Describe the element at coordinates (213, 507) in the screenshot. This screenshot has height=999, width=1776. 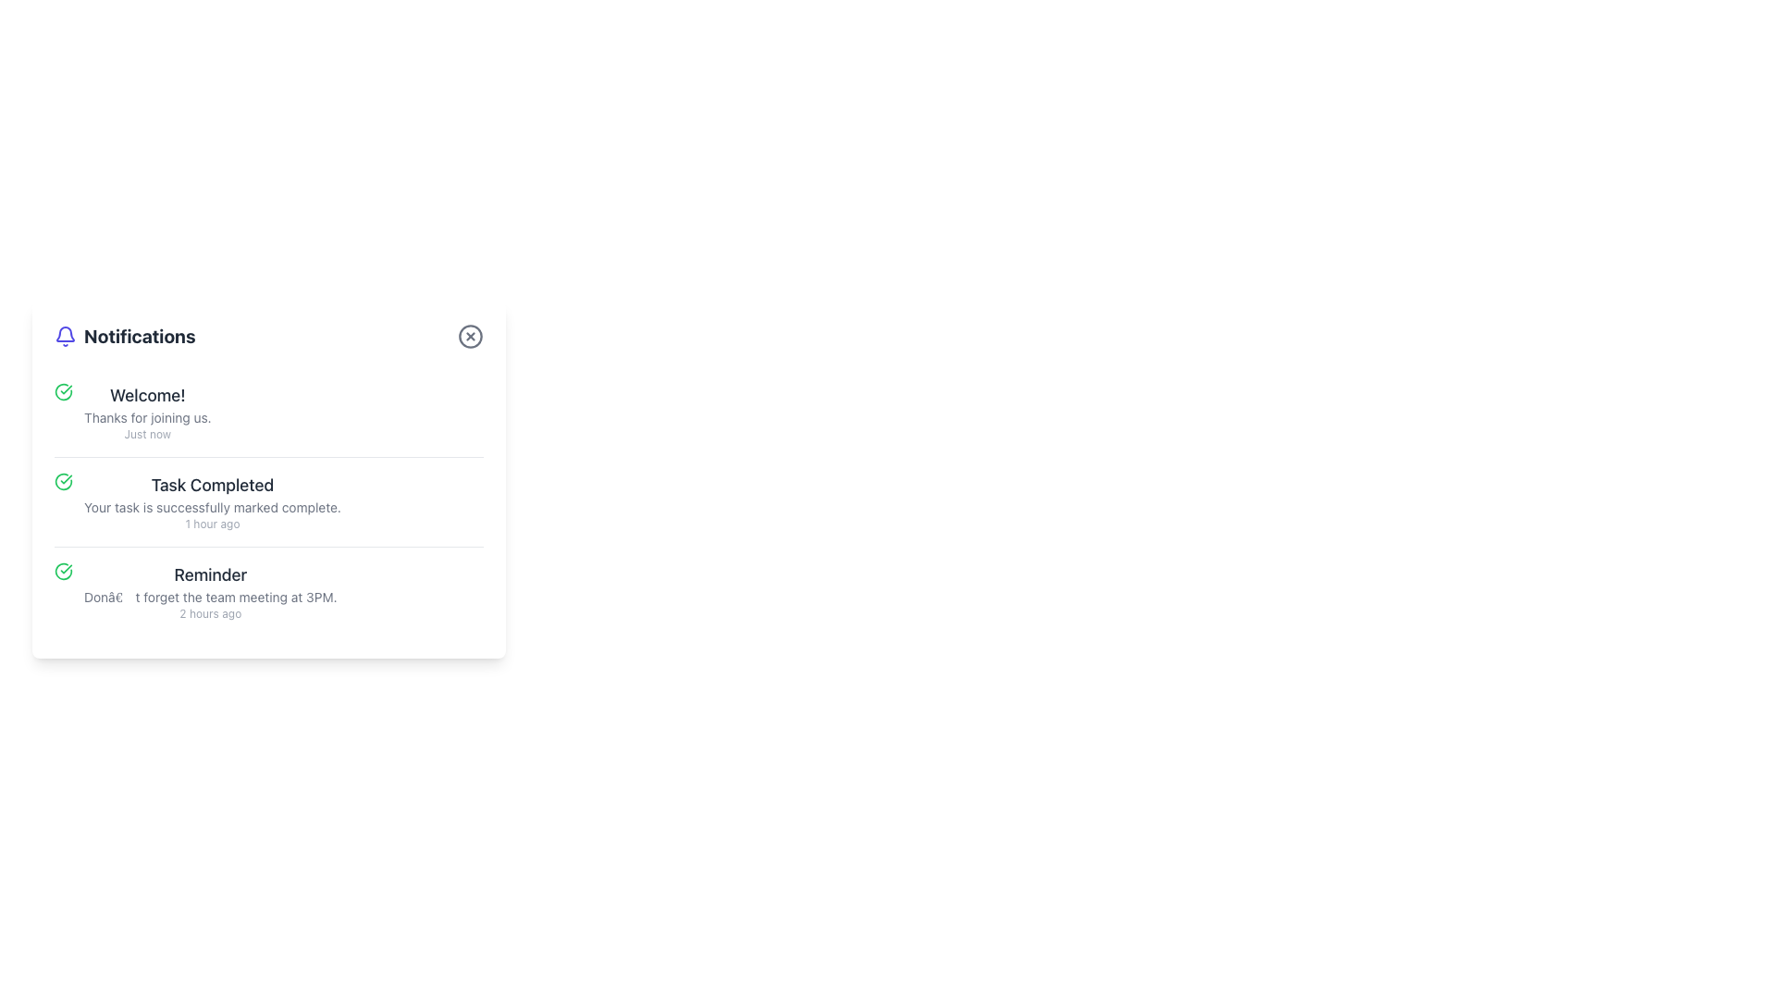
I see `message from the Text Label that contains the phrase 'Your task is successfully marked complete.' which is styled with a small font size and light gray color, located beneath the 'Task Completed' heading` at that location.